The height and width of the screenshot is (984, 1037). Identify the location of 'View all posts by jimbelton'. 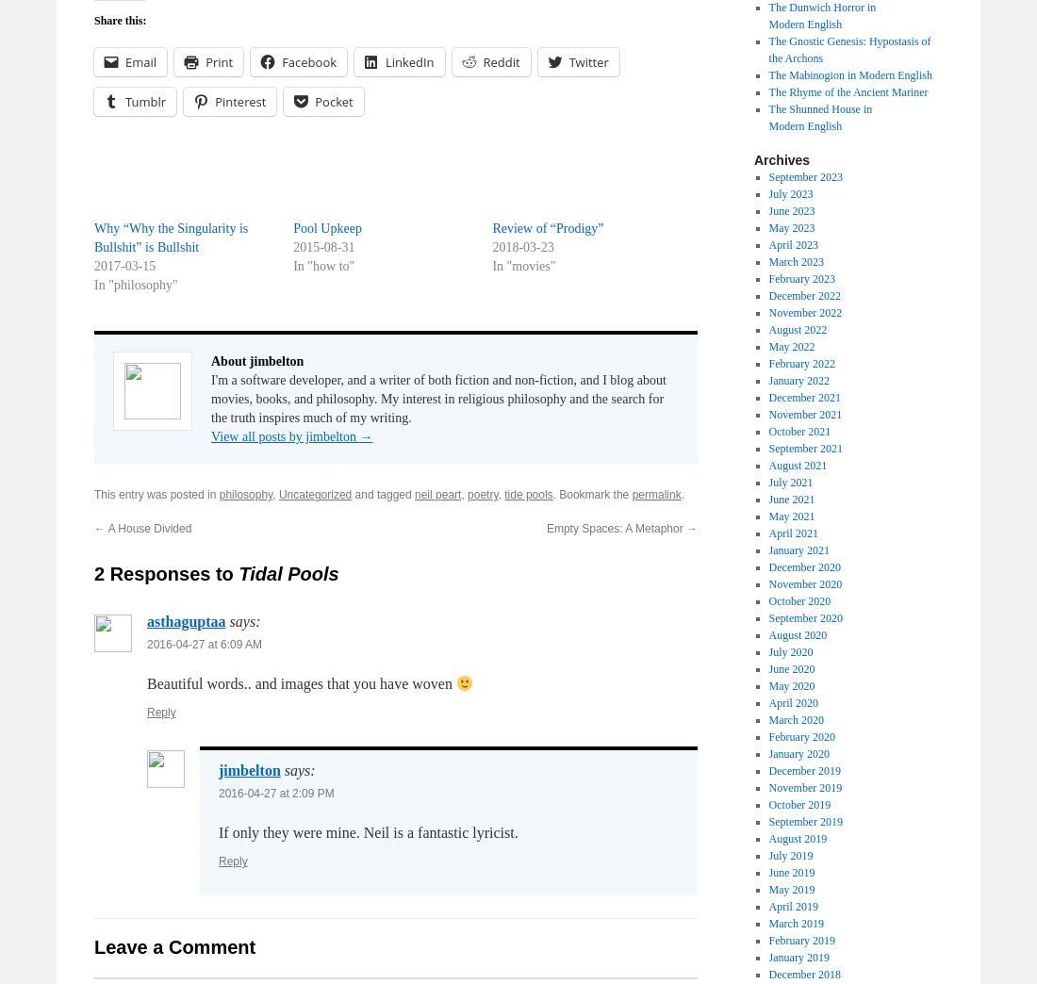
(284, 436).